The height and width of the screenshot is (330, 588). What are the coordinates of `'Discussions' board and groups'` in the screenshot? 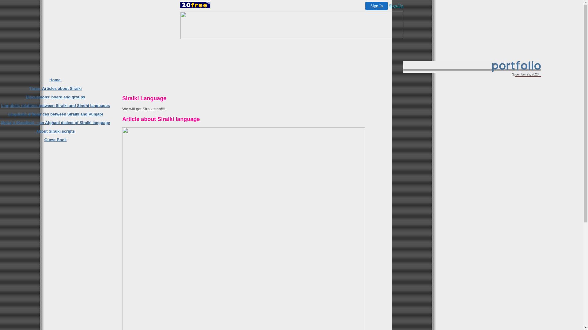 It's located at (55, 97).